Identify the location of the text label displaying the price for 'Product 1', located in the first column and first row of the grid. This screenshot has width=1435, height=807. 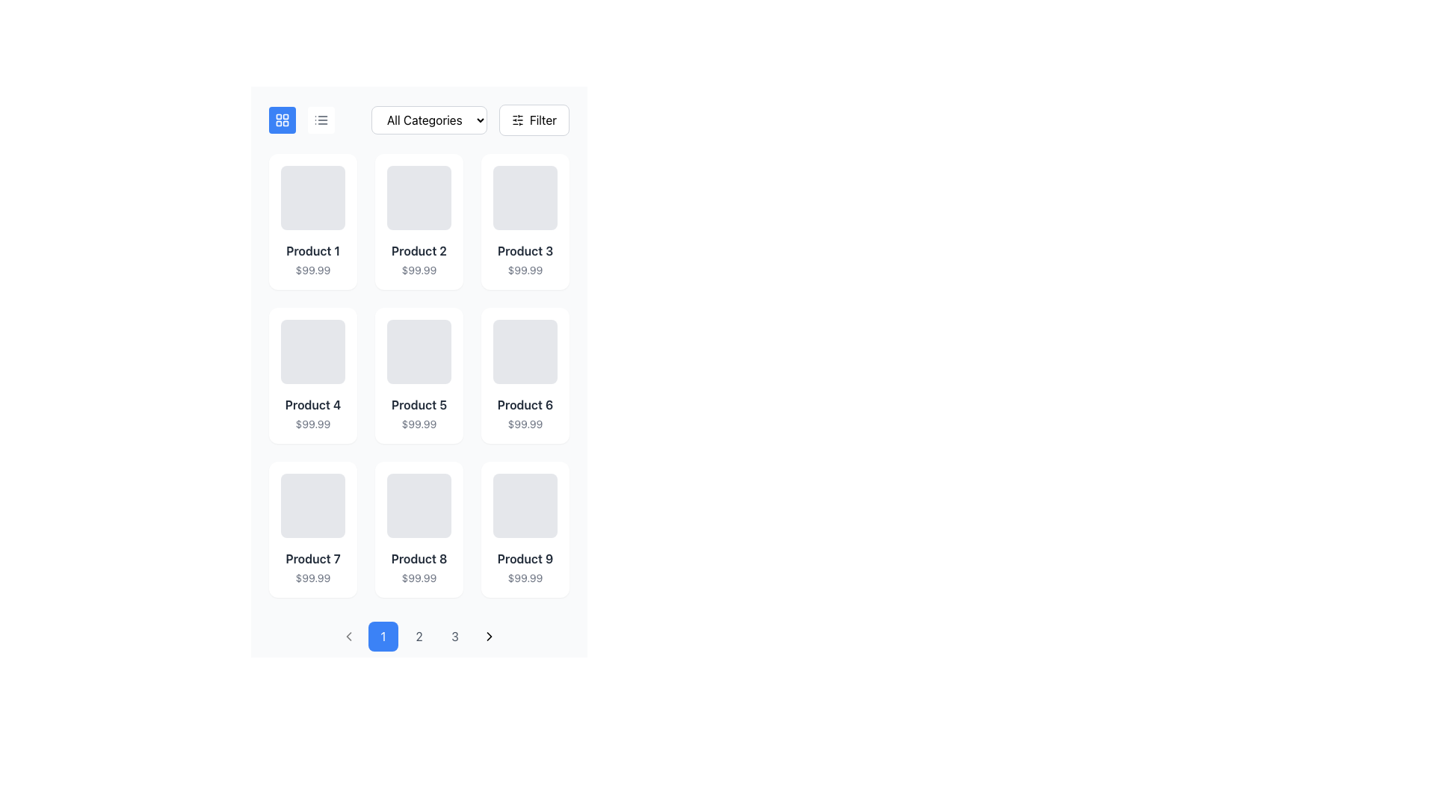
(312, 270).